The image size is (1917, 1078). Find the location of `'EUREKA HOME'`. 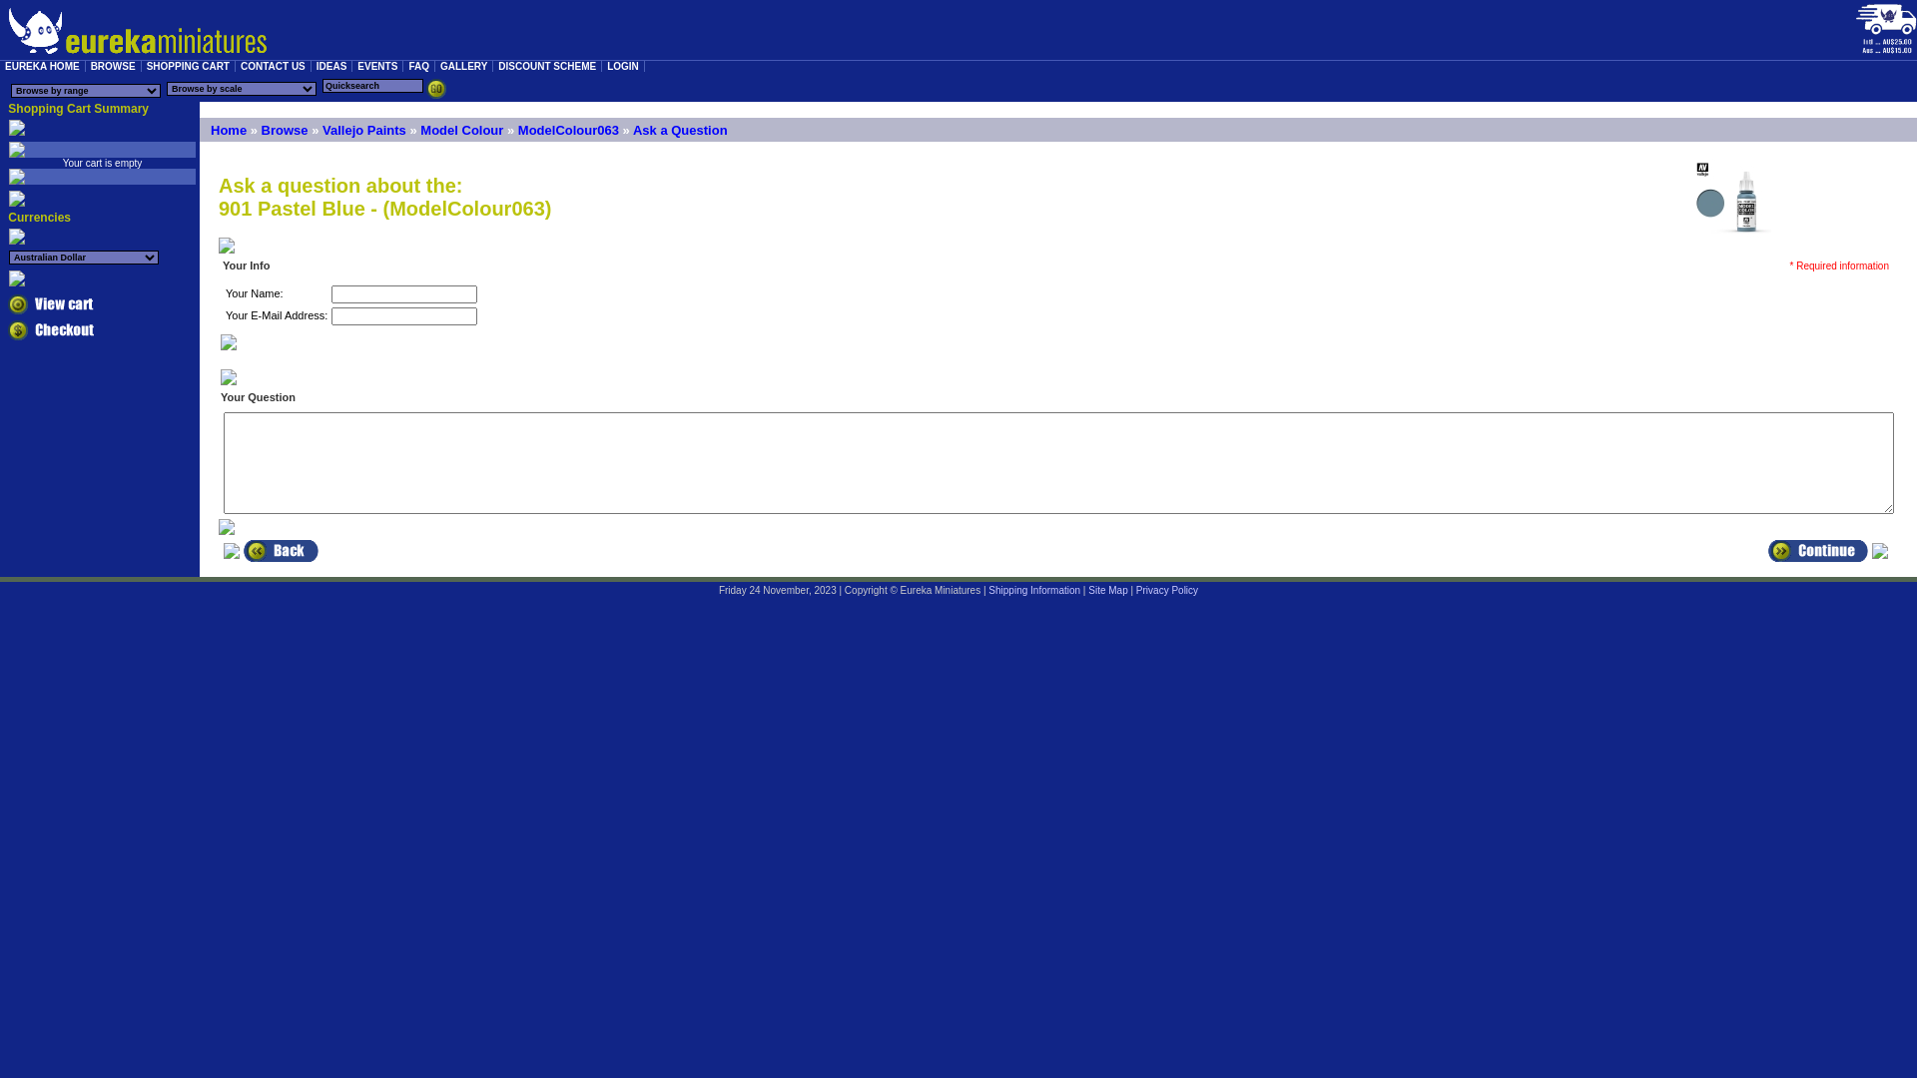

'EUREKA HOME' is located at coordinates (43, 65).